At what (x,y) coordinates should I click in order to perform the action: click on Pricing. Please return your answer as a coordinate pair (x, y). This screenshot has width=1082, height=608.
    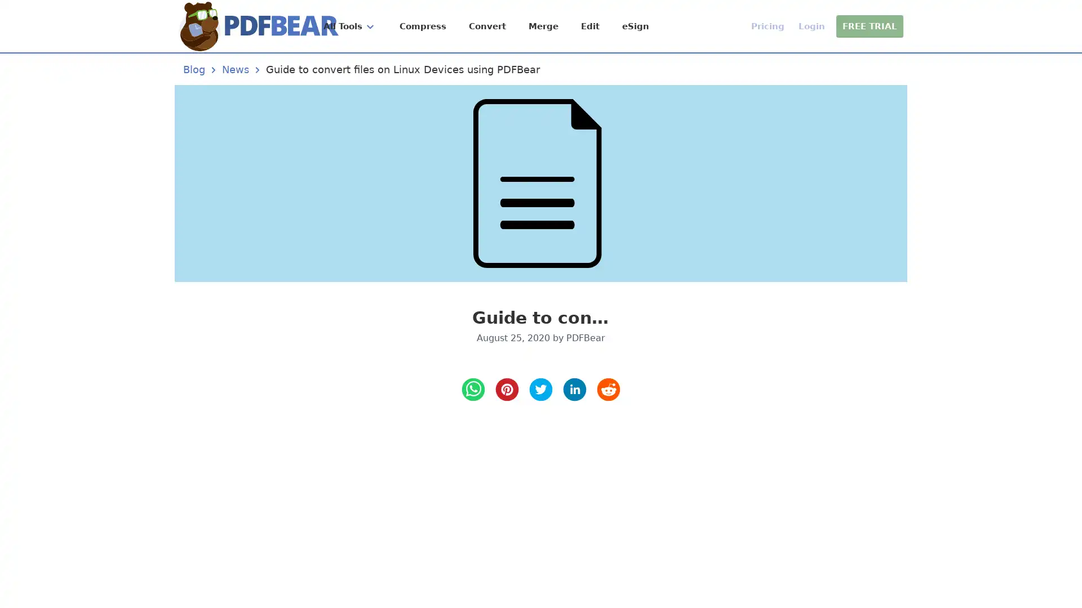
    Looking at the image, I should click on (766, 25).